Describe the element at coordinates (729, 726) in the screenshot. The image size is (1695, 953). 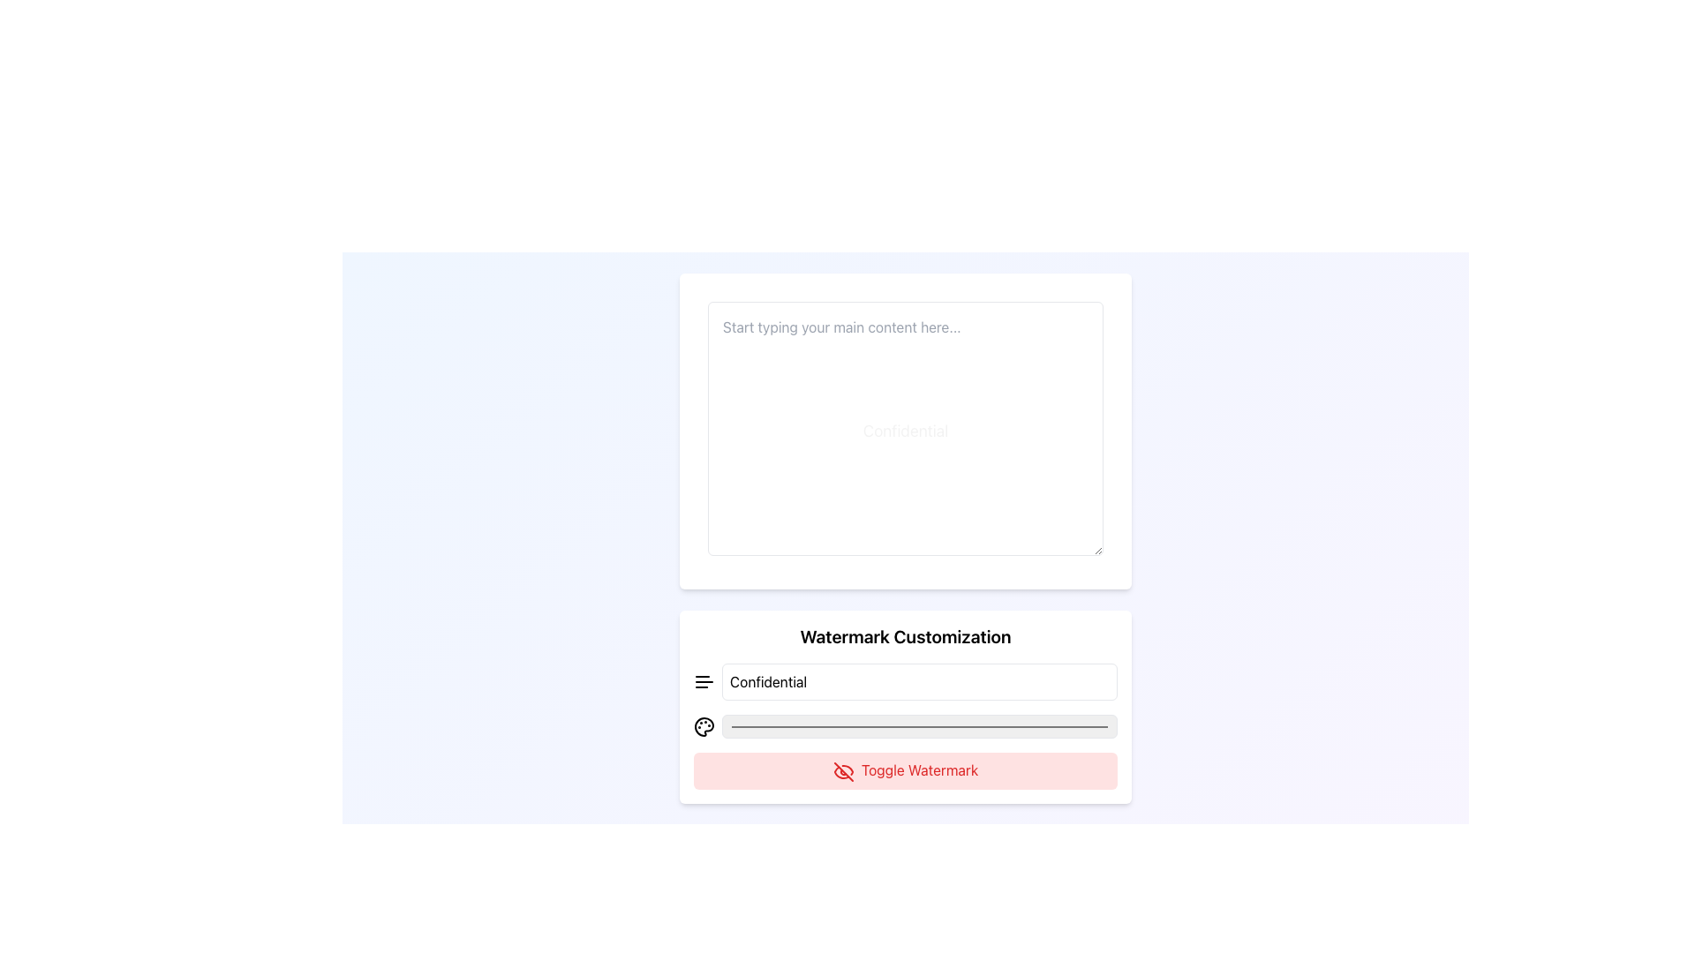
I see `the color slider` at that location.